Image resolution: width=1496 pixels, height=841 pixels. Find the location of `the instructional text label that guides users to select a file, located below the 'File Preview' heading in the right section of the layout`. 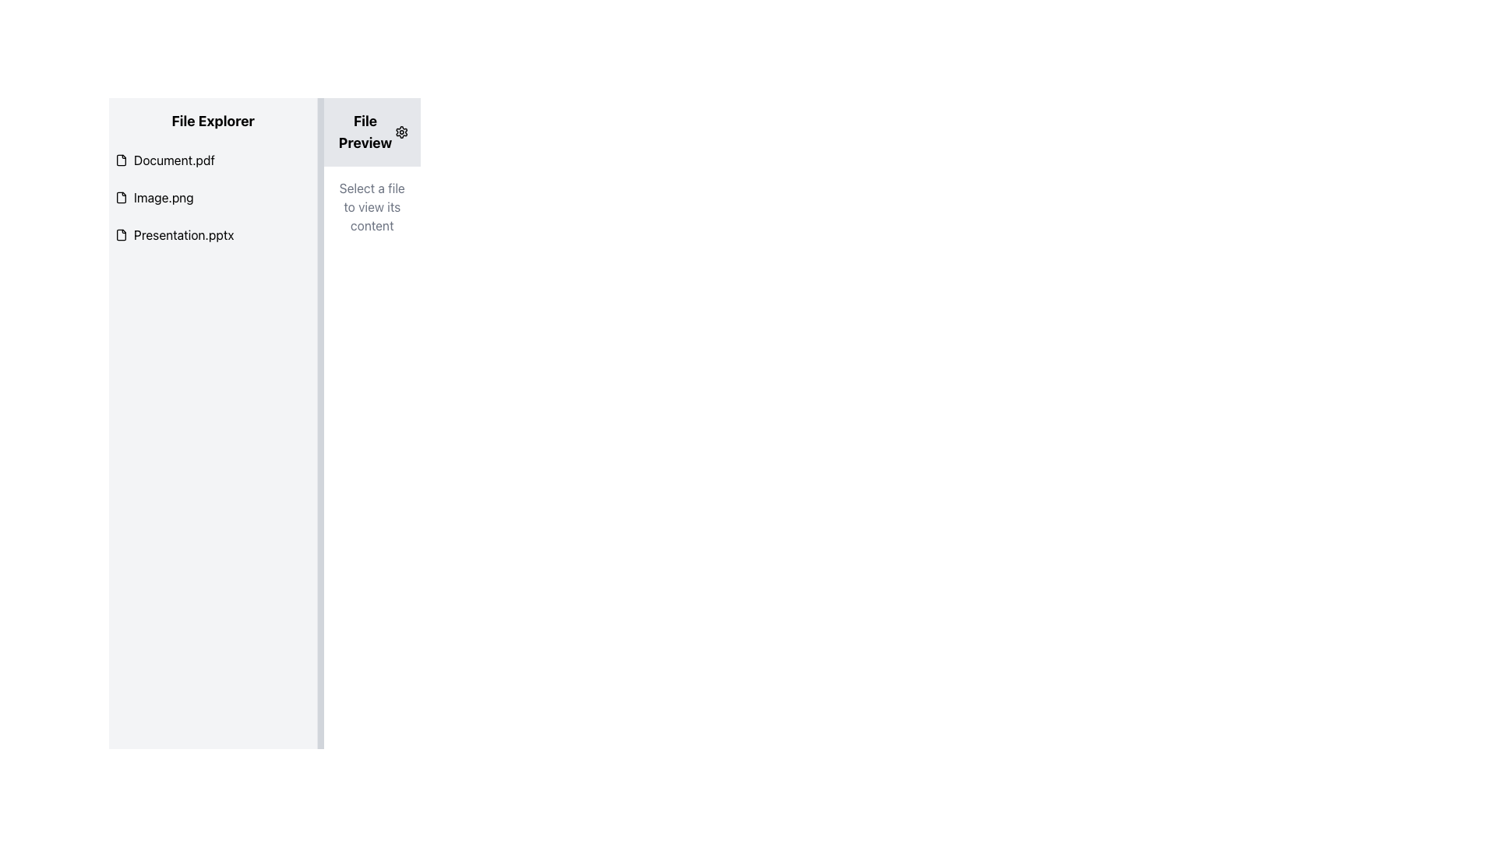

the instructional text label that guides users to select a file, located below the 'File Preview' heading in the right section of the layout is located at coordinates (371, 206).